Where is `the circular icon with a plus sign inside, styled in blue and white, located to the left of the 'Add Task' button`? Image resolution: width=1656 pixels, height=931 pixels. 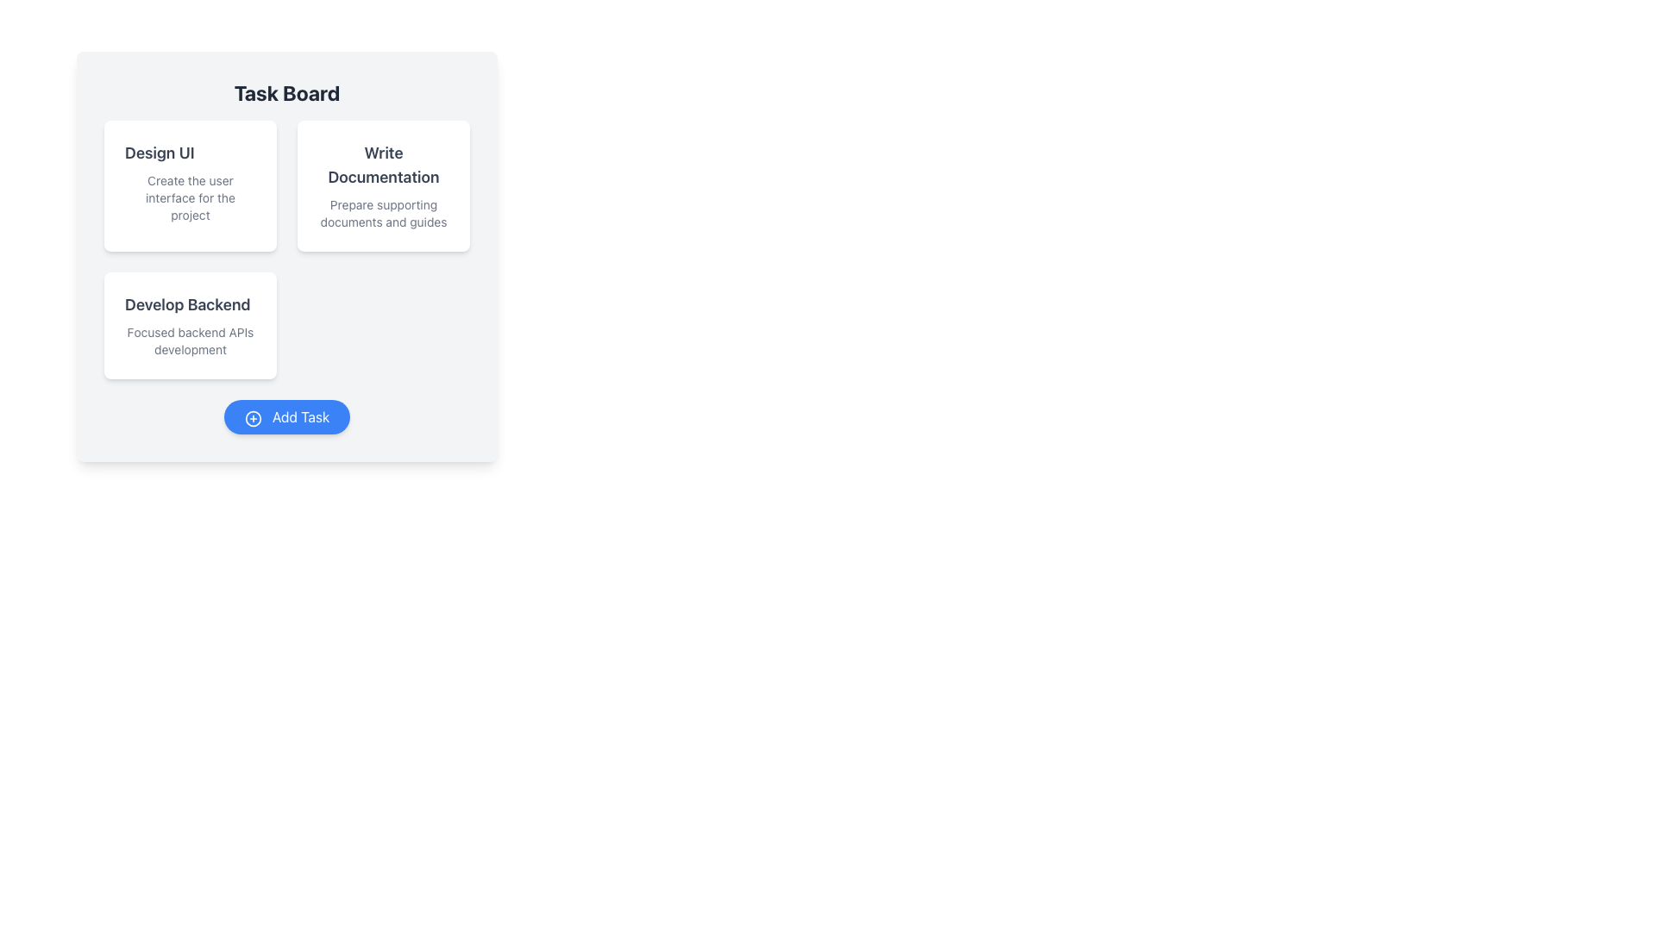
the circular icon with a plus sign inside, styled in blue and white, located to the left of the 'Add Task' button is located at coordinates (252, 418).